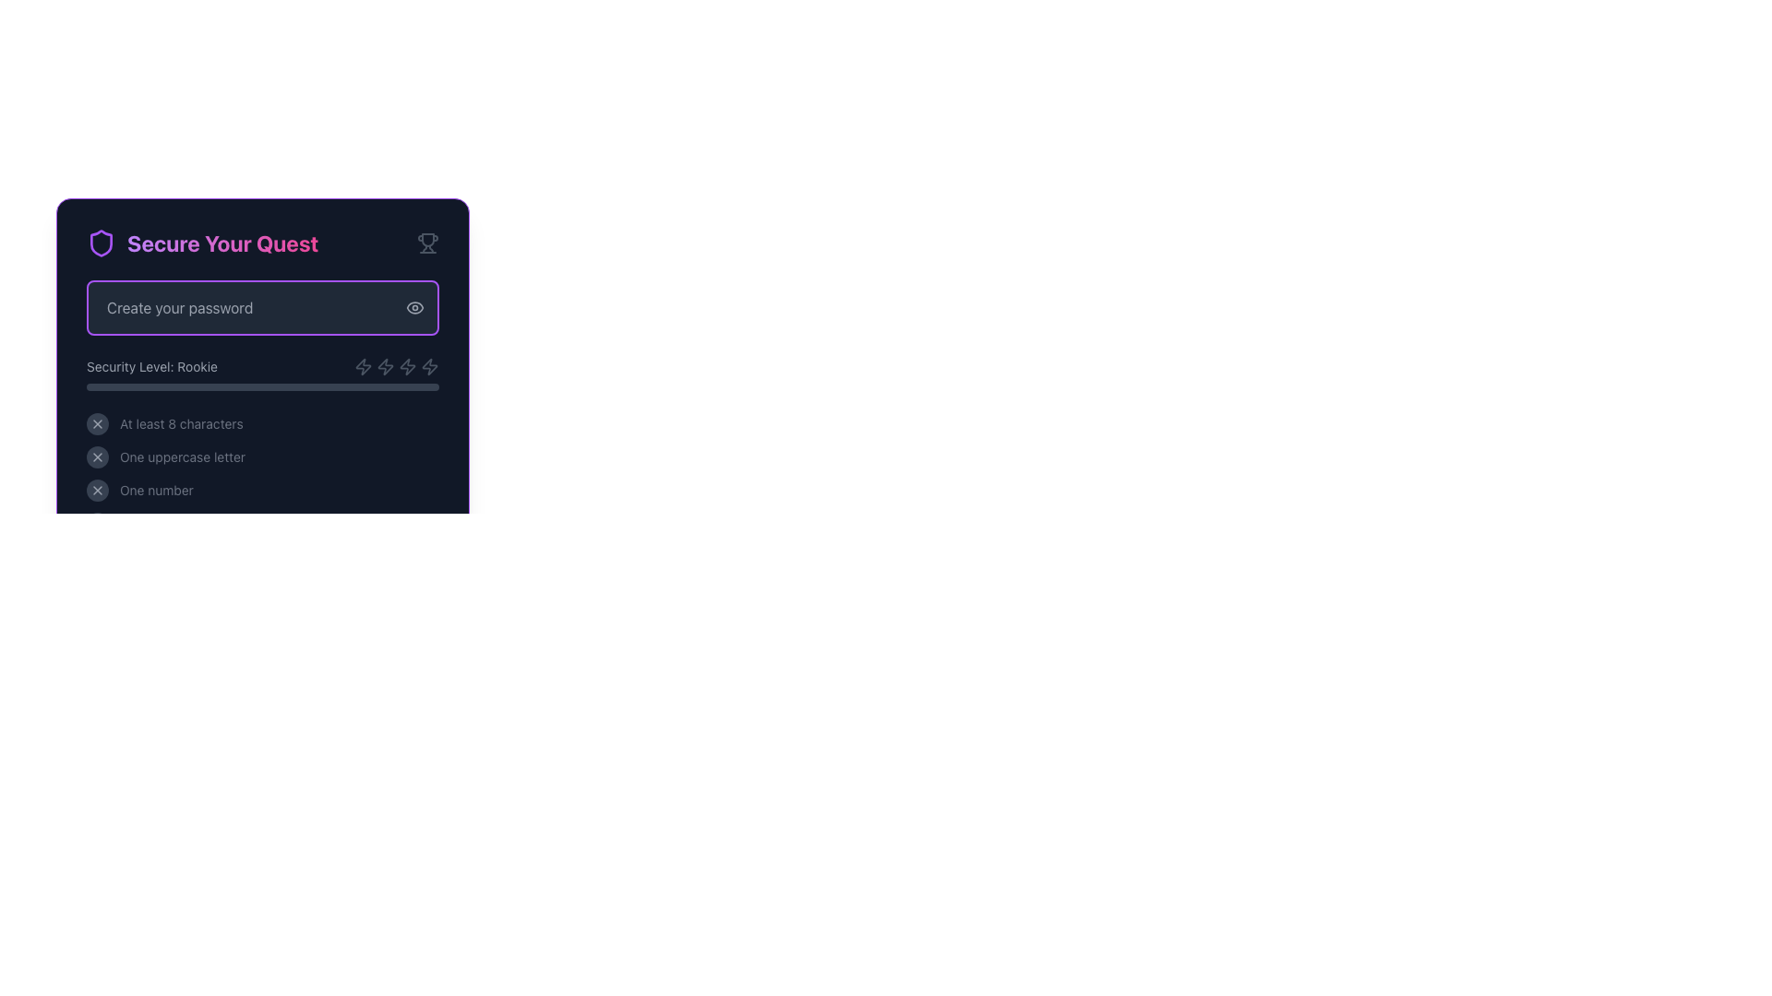  I want to click on the decorative icon indicating password strength in the security level section of the password creation interface, located in the third row adjacent to the password security level label, so click(384, 366).